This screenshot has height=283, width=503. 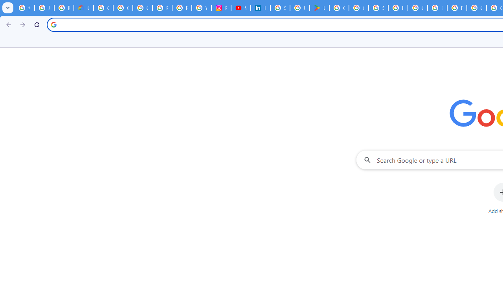 What do you see at coordinates (358, 8) in the screenshot?
I see `'Google Workspace - Specific Terms'` at bounding box center [358, 8].